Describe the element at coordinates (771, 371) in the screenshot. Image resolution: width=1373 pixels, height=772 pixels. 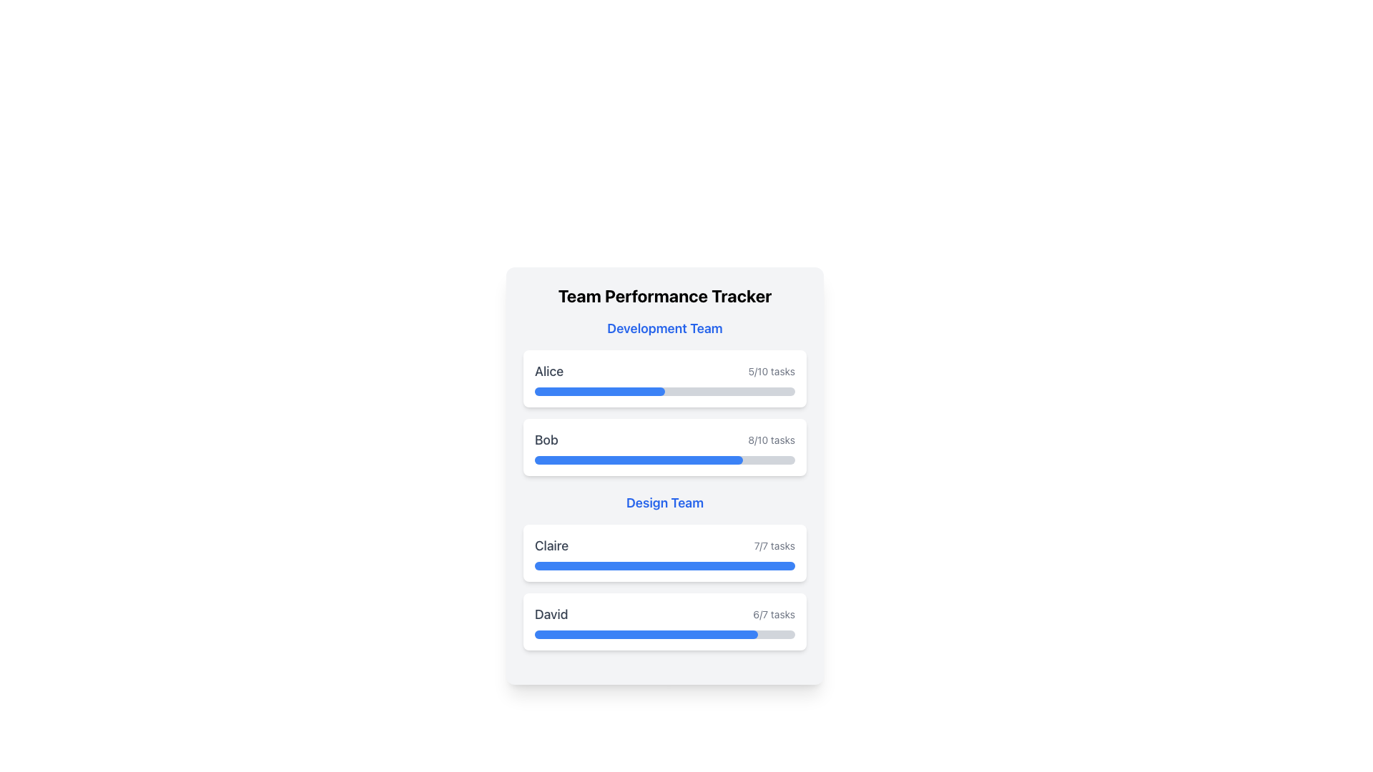
I see `the Text Label that shows the completion status of tasks, indicating 5 out of 10 tasks completed, positioned in the Development Team section` at that location.